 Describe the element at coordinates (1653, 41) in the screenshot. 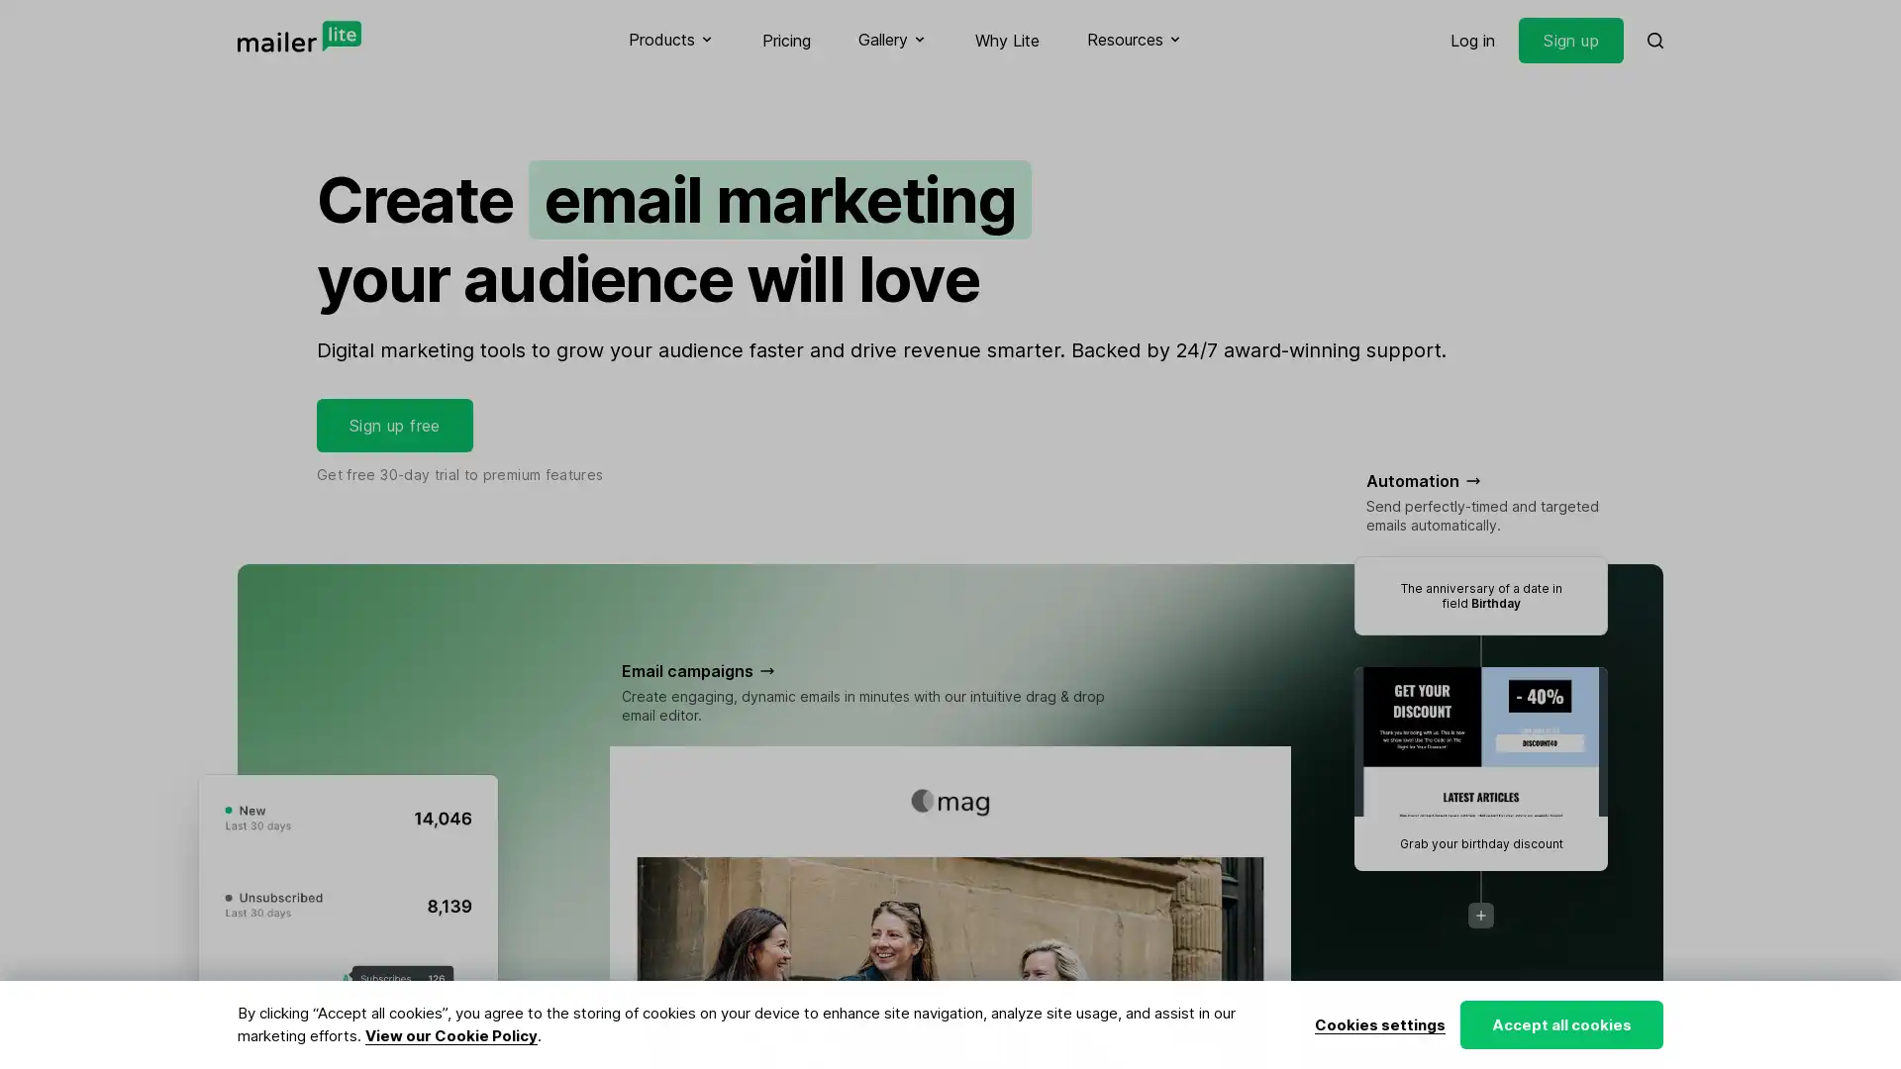

I see `Search MailerLite` at that location.